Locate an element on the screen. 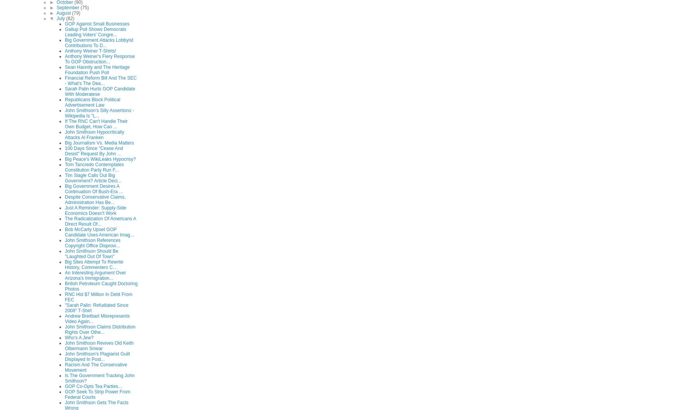 This screenshot has height=410, width=690. 'Just A Reminder: Supply-Side Economics Doesn't Work' is located at coordinates (95, 209).